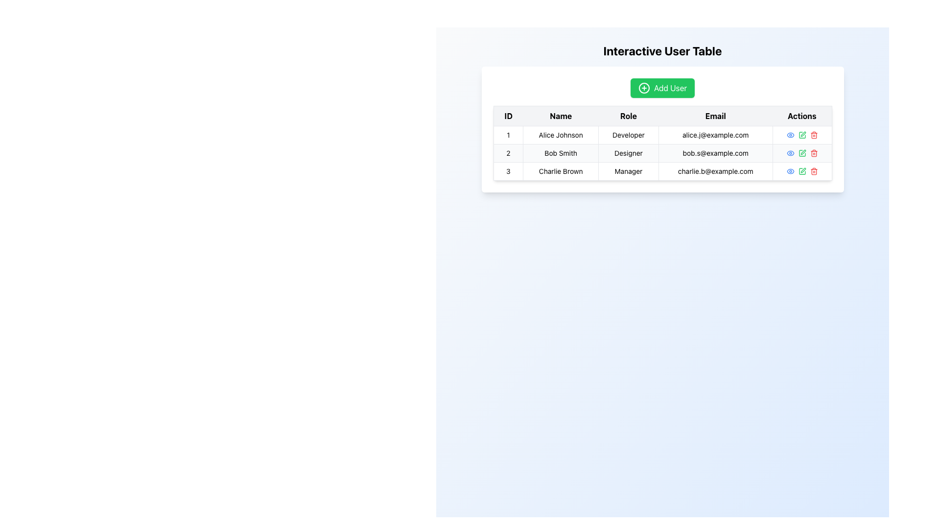  I want to click on the green pen icon in the 'Actions' column for Charlie Brown, located in the third row to observe its hover effects, so click(802, 171).